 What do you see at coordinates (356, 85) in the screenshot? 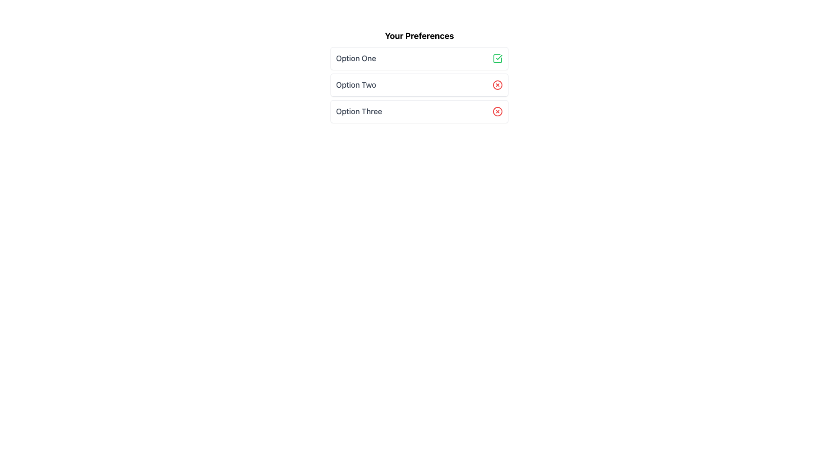
I see `the second Text label in the preference selection interface, located under the header 'Your Preferences', which indicates a choice between 'Option One' and 'Option Three'` at bounding box center [356, 85].